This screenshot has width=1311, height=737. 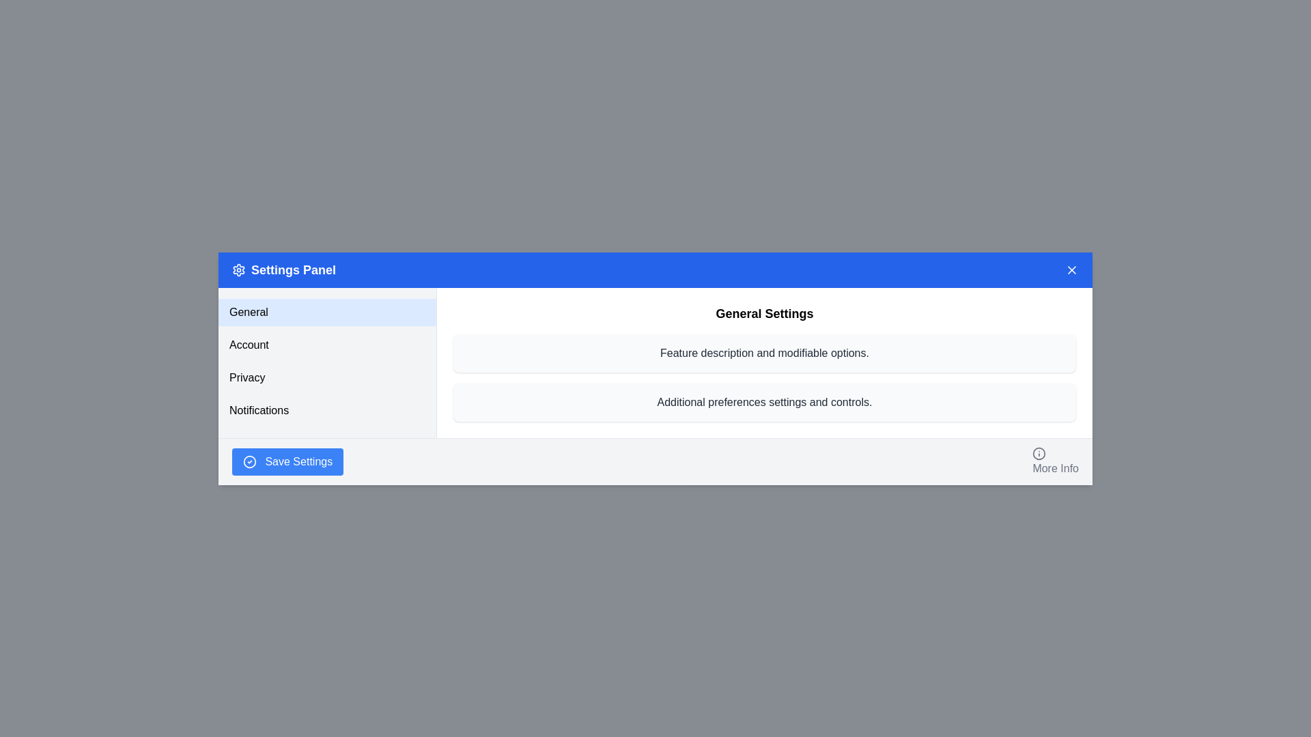 I want to click on the close button icon, represented by a diagonal 'X' shape, located in the top-right corner of the blue header bar adjacent to the 'Settings Panel' title area, so click(x=1071, y=270).